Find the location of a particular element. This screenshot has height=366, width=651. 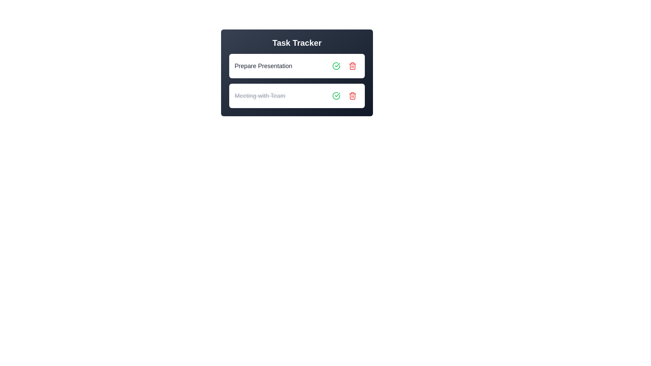

the green circular icon with a checkmark, which indicates a completed state, located to the right of the 'Prepare Presentation' text is located at coordinates (336, 66).